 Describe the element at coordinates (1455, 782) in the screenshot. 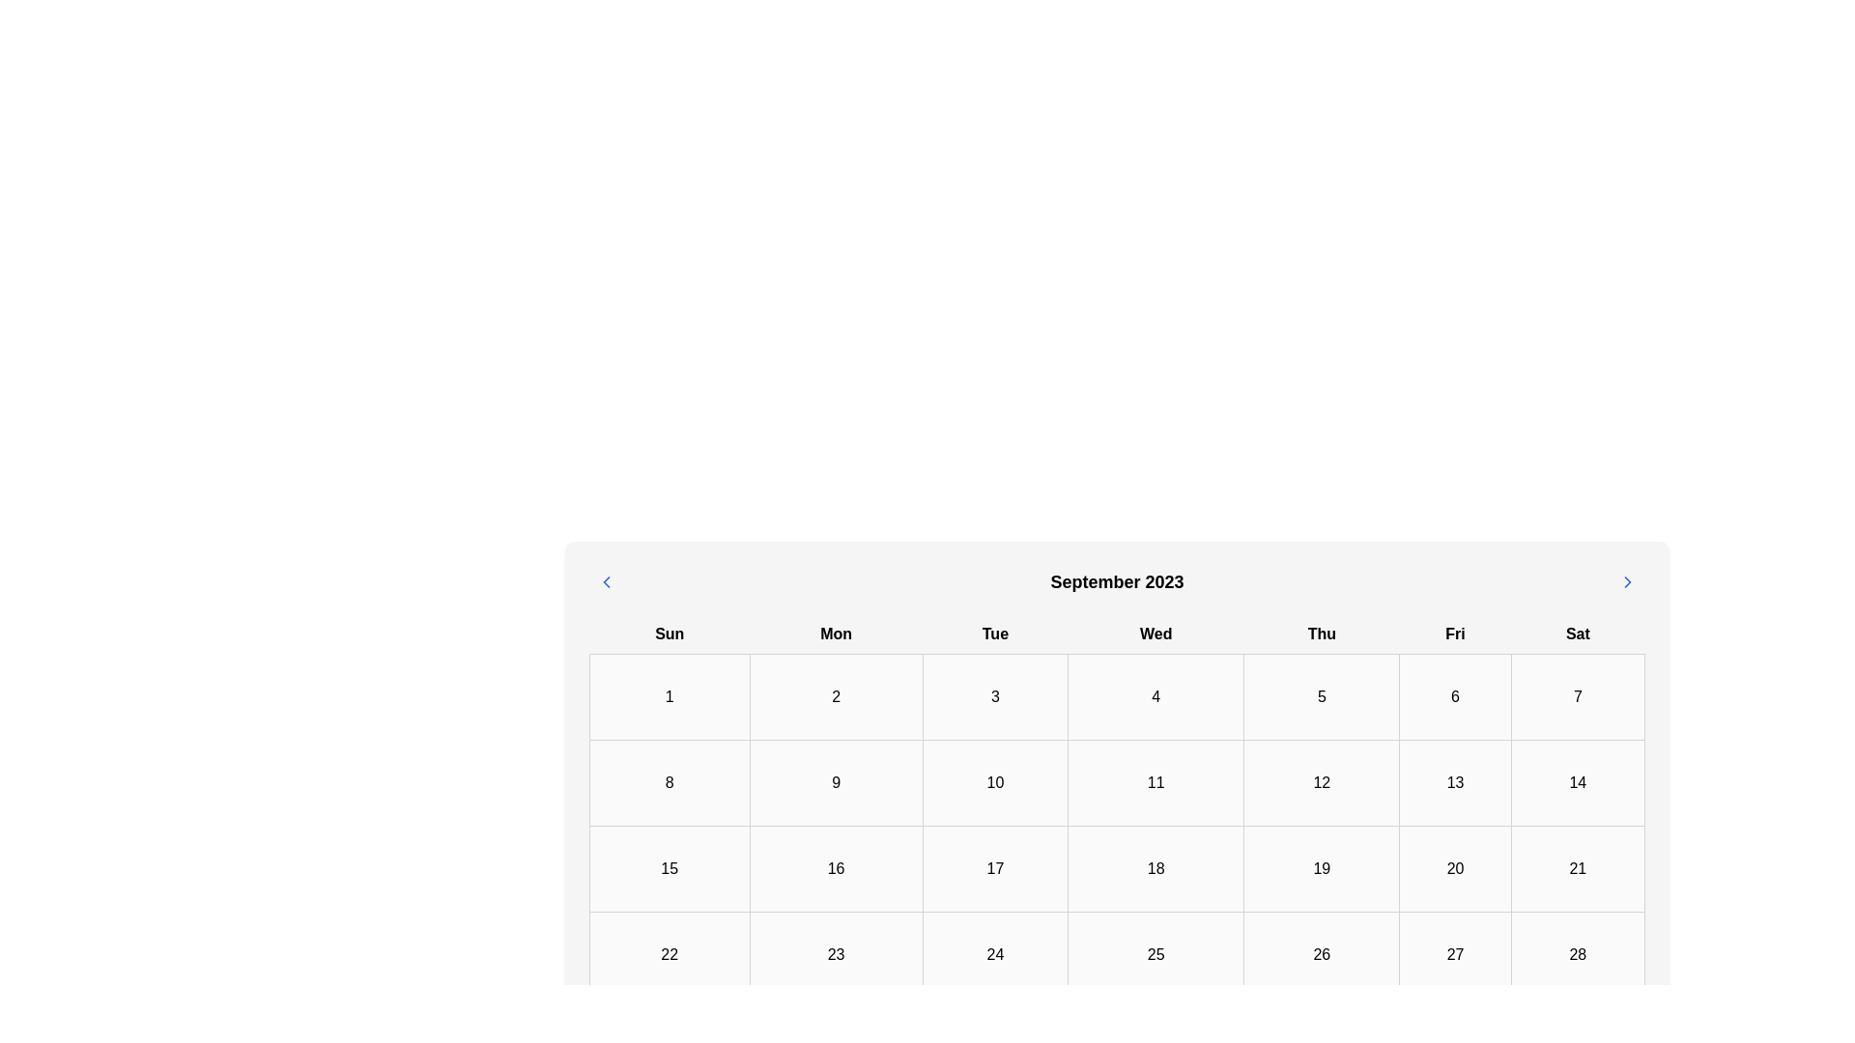

I see `the square button with a light gray background and the text '13'` at that location.